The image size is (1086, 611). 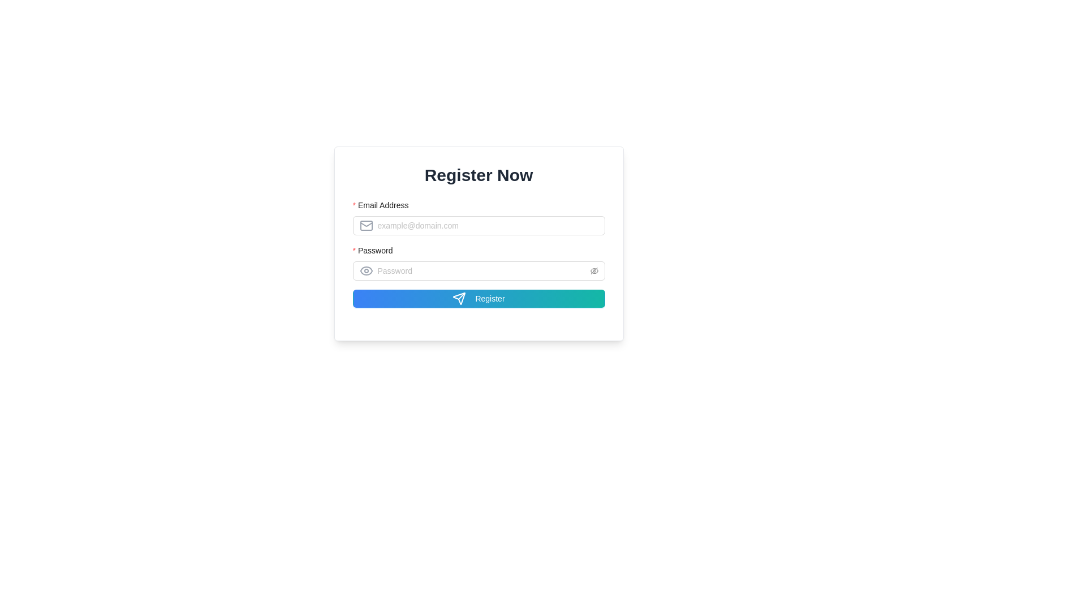 What do you see at coordinates (479, 298) in the screenshot?
I see `the 'Register' button with a gradient background transitioning from blue to teal, located at the bottom center of the form layout` at bounding box center [479, 298].